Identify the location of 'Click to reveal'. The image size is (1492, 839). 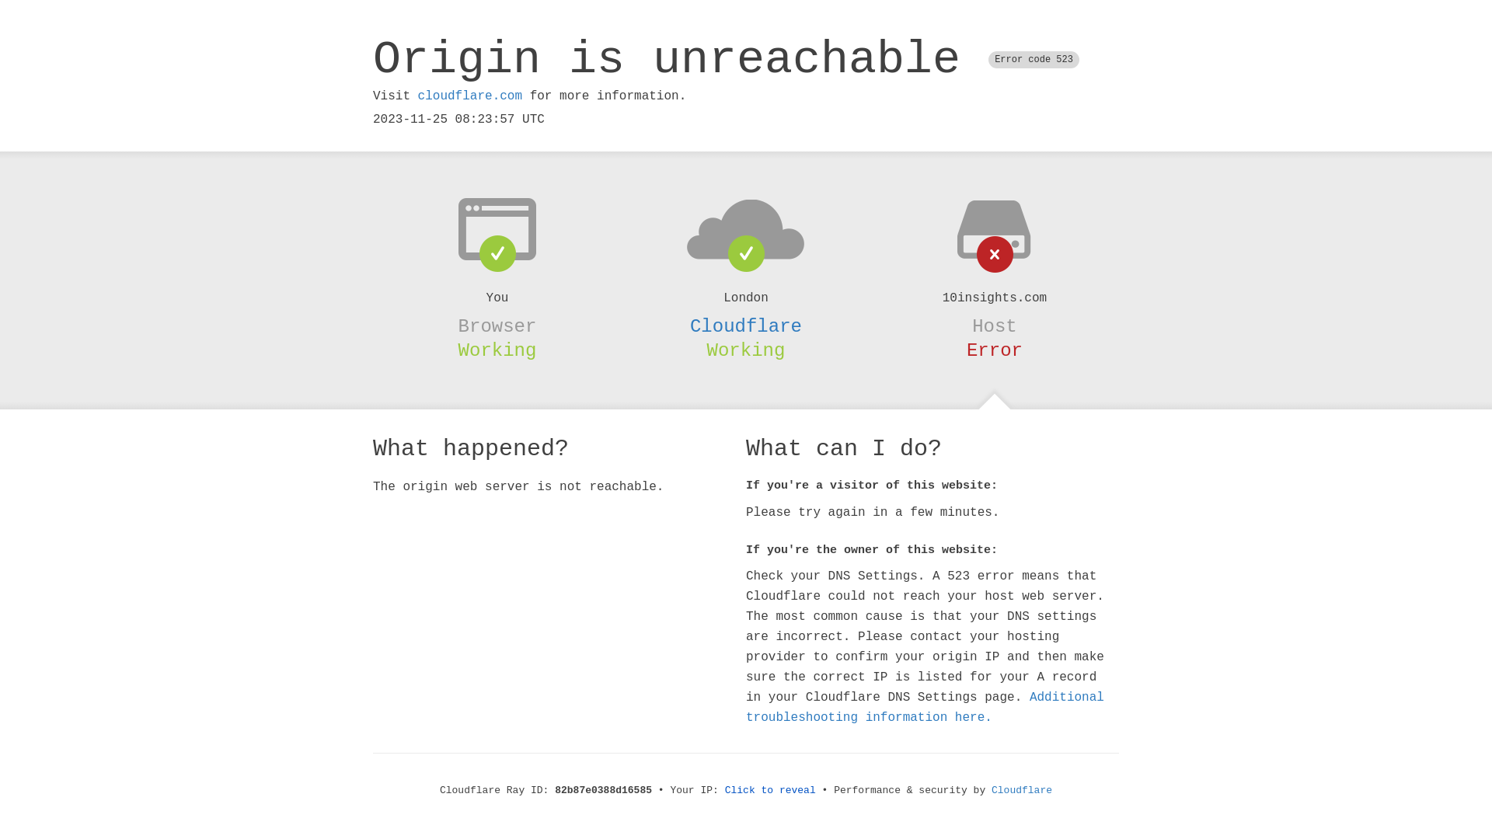
(770, 790).